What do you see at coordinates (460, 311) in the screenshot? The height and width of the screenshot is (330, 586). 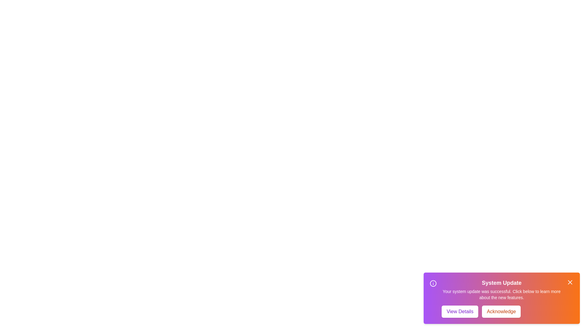 I see `the View Details button to perform the associated action` at bounding box center [460, 311].